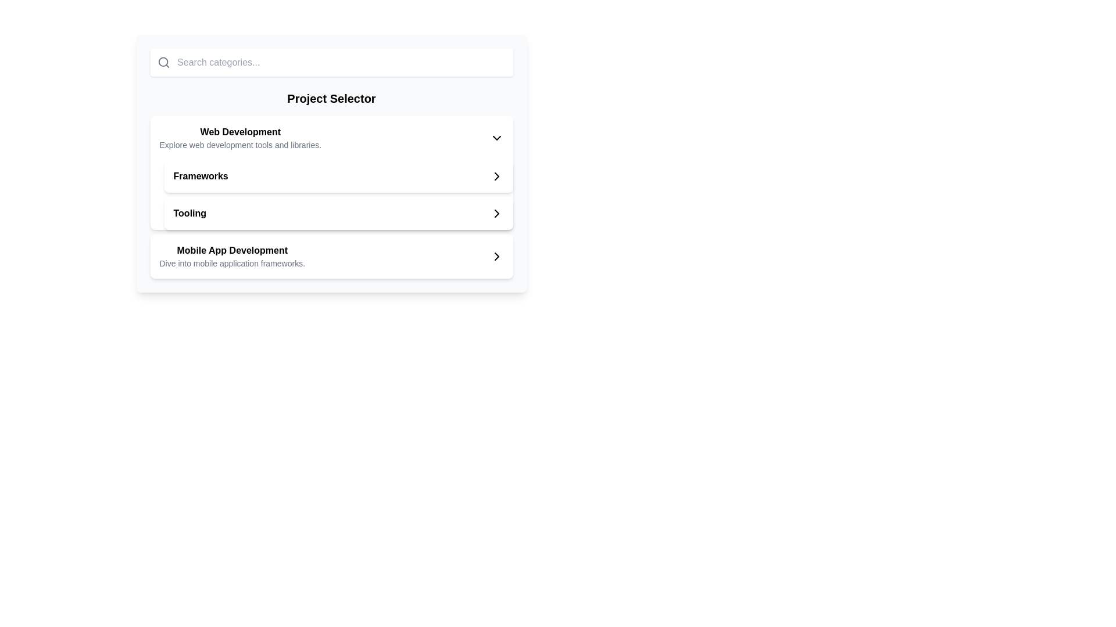 Image resolution: width=1116 pixels, height=627 pixels. What do you see at coordinates (331, 138) in the screenshot?
I see `the first item of the collapsible list related to web development by clicking it` at bounding box center [331, 138].